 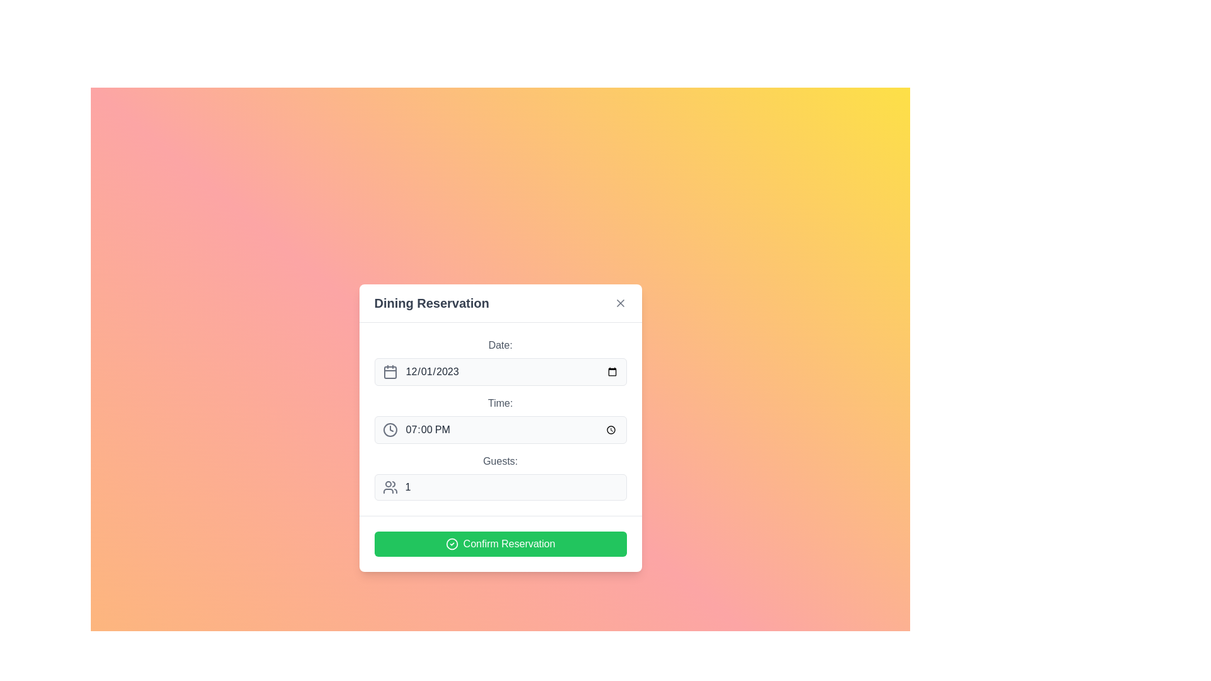 I want to click on the date selector input field, which is a horizontal bar with rounded corners, light gray background, and displays '12/01/2023', so click(x=500, y=371).